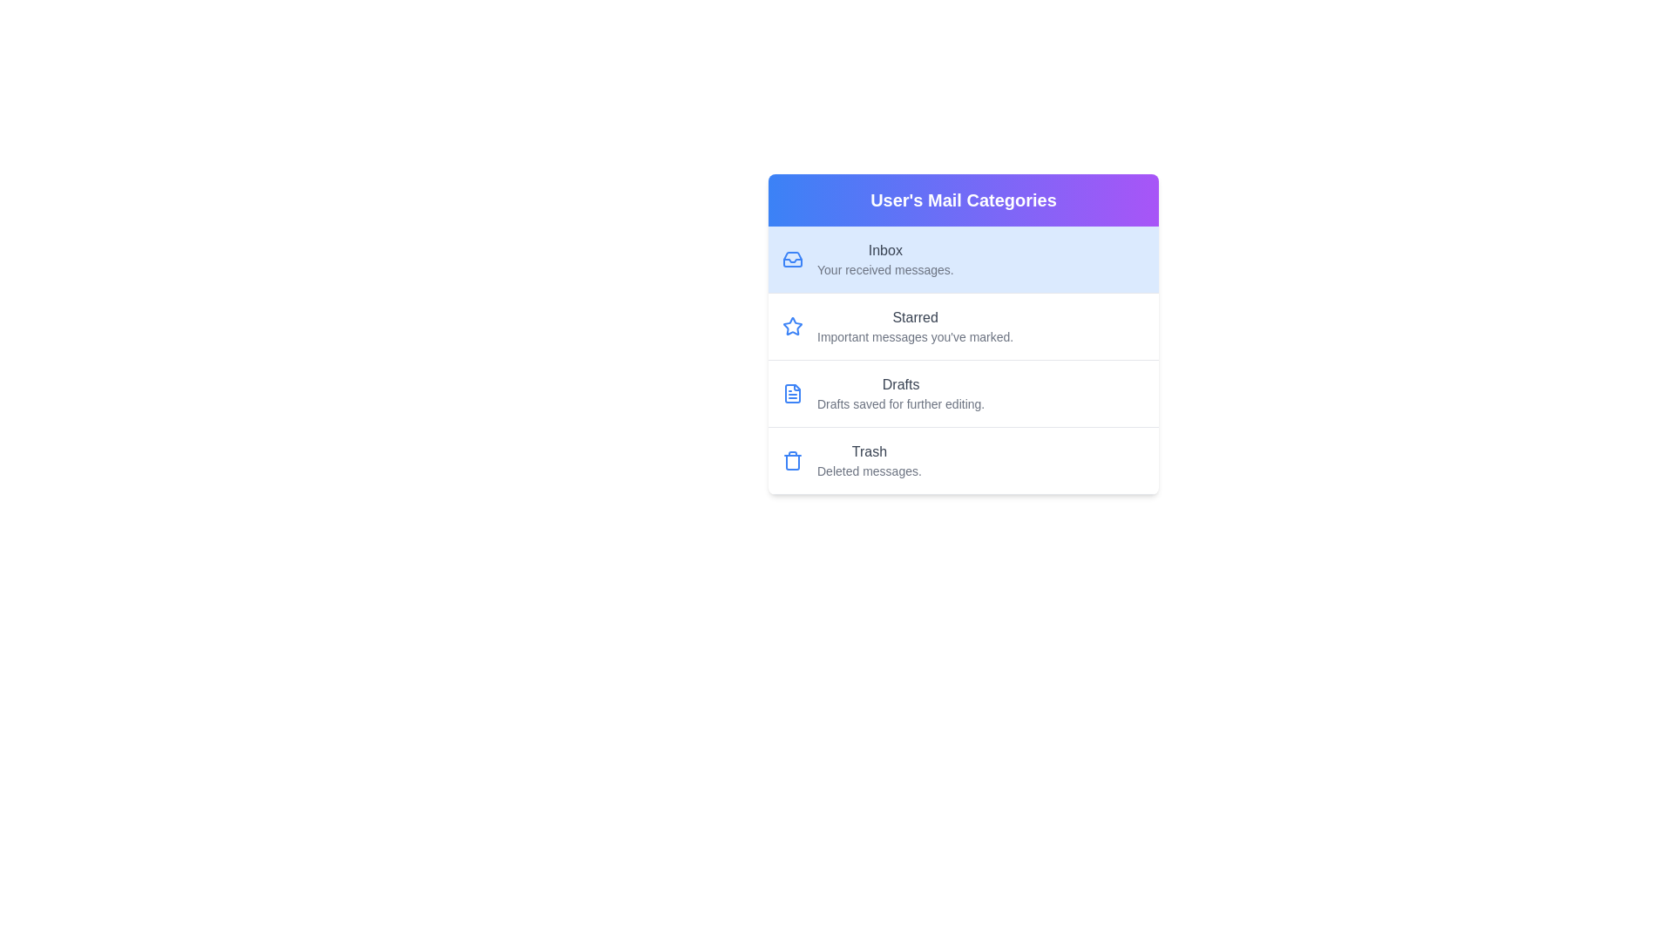 The height and width of the screenshot is (941, 1673). What do you see at coordinates (962, 393) in the screenshot?
I see `the mail category item corresponding to Drafts` at bounding box center [962, 393].